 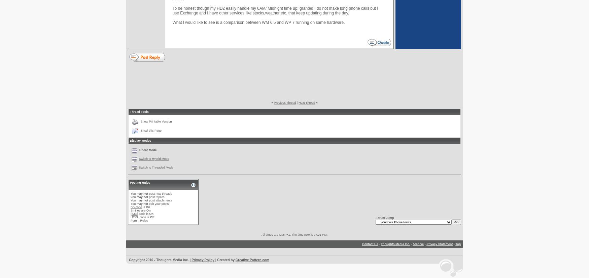 What do you see at coordinates (151, 130) in the screenshot?
I see `'Email this Page'` at bounding box center [151, 130].